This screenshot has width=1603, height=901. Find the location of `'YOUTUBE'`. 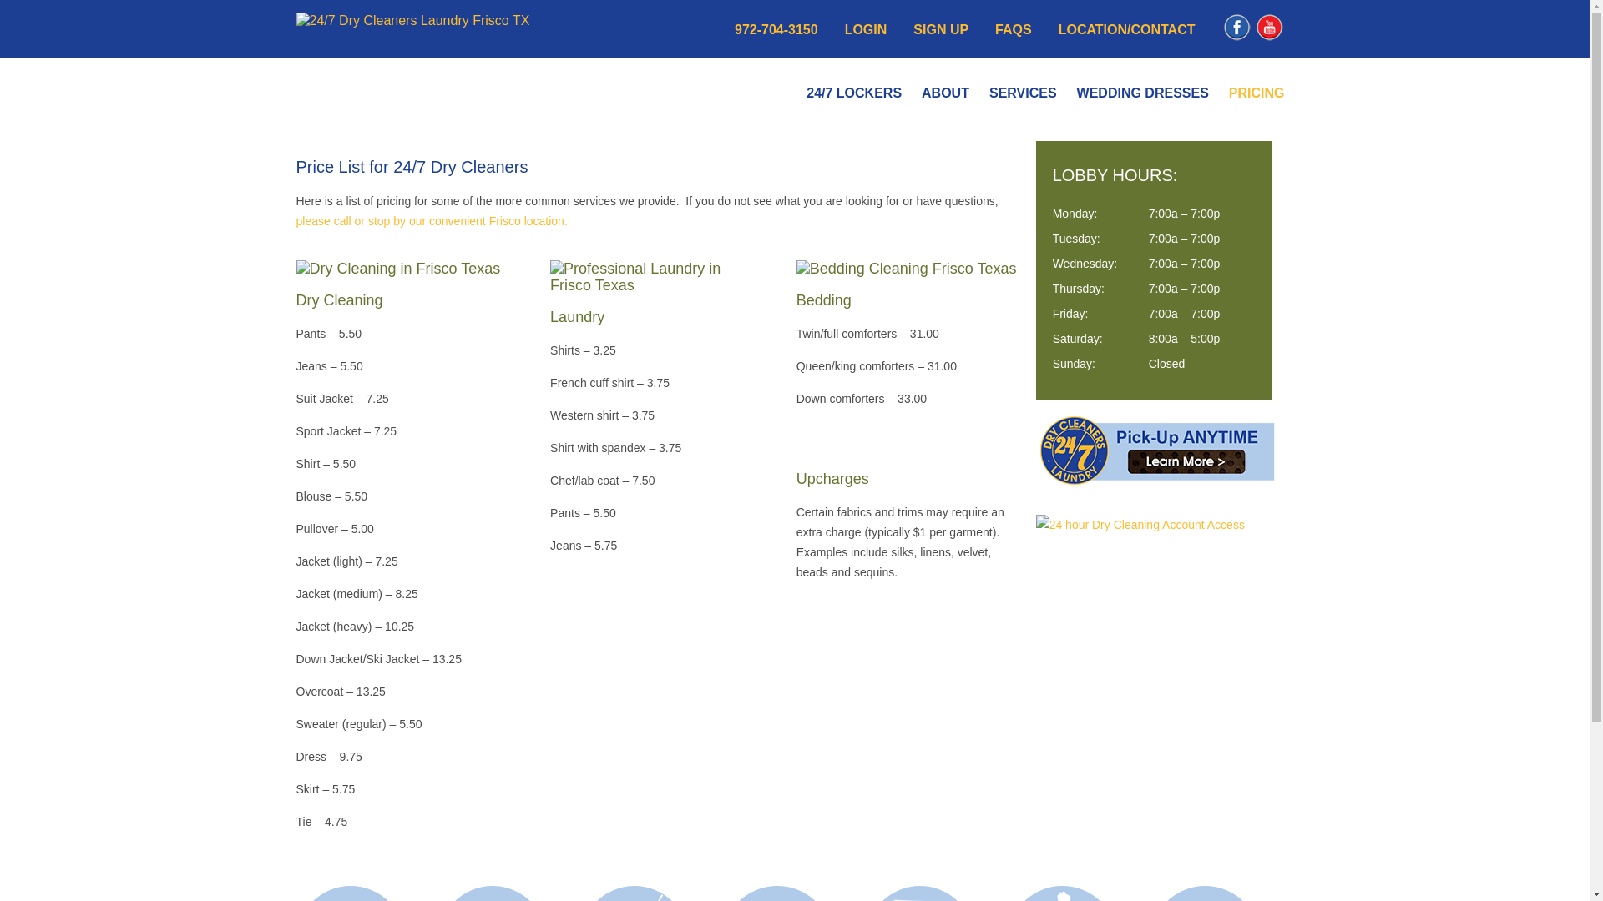

'YOUTUBE' is located at coordinates (1268, 38).